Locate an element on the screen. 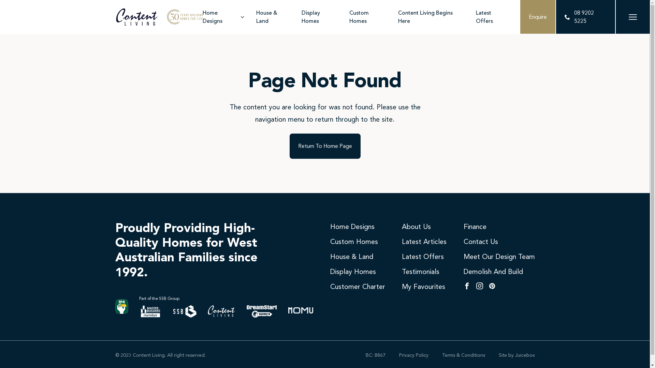  'Demolish And Build' is located at coordinates (493, 271).